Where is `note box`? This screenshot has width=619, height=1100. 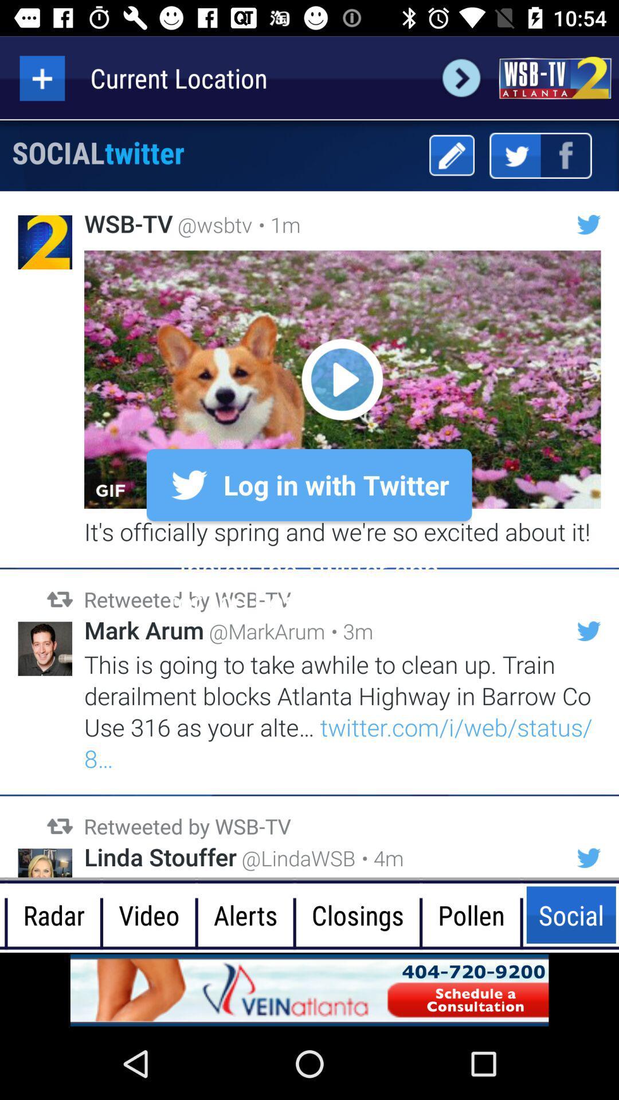
note box is located at coordinates (451, 155).